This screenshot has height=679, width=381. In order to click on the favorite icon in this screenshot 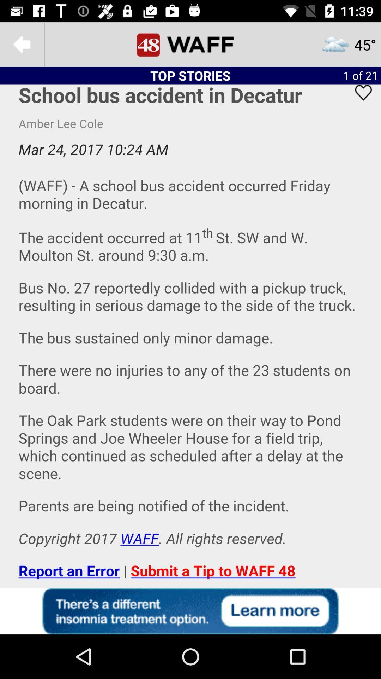, I will do `click(359, 101)`.